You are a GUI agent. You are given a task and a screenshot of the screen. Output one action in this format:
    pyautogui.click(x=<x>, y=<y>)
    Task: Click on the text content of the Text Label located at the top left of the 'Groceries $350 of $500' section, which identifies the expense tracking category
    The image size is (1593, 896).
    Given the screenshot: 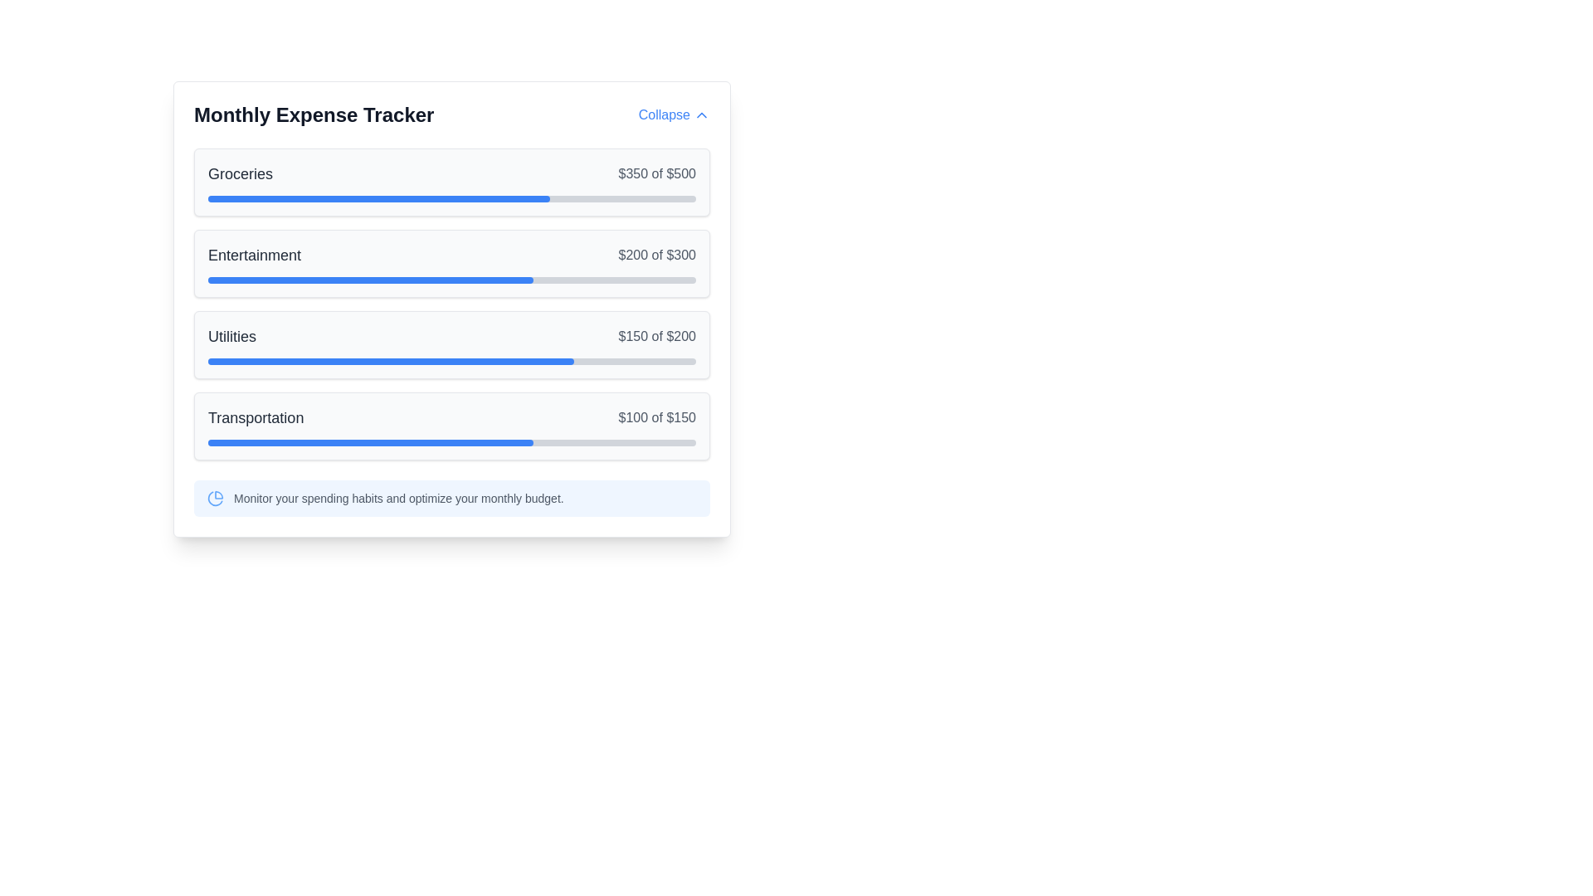 What is the action you would take?
    pyautogui.click(x=240, y=173)
    